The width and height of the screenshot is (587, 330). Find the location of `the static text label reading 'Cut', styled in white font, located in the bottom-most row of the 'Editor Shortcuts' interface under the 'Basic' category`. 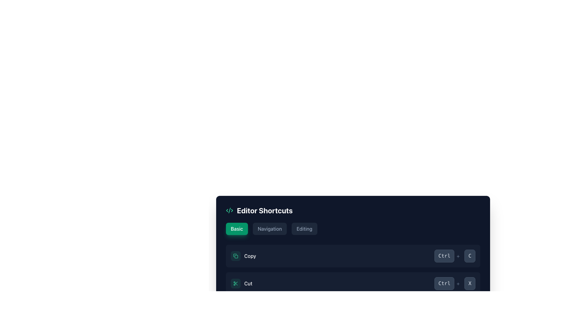

the static text label reading 'Cut', styled in white font, located in the bottom-most row of the 'Editor Shortcuts' interface under the 'Basic' category is located at coordinates (248, 284).